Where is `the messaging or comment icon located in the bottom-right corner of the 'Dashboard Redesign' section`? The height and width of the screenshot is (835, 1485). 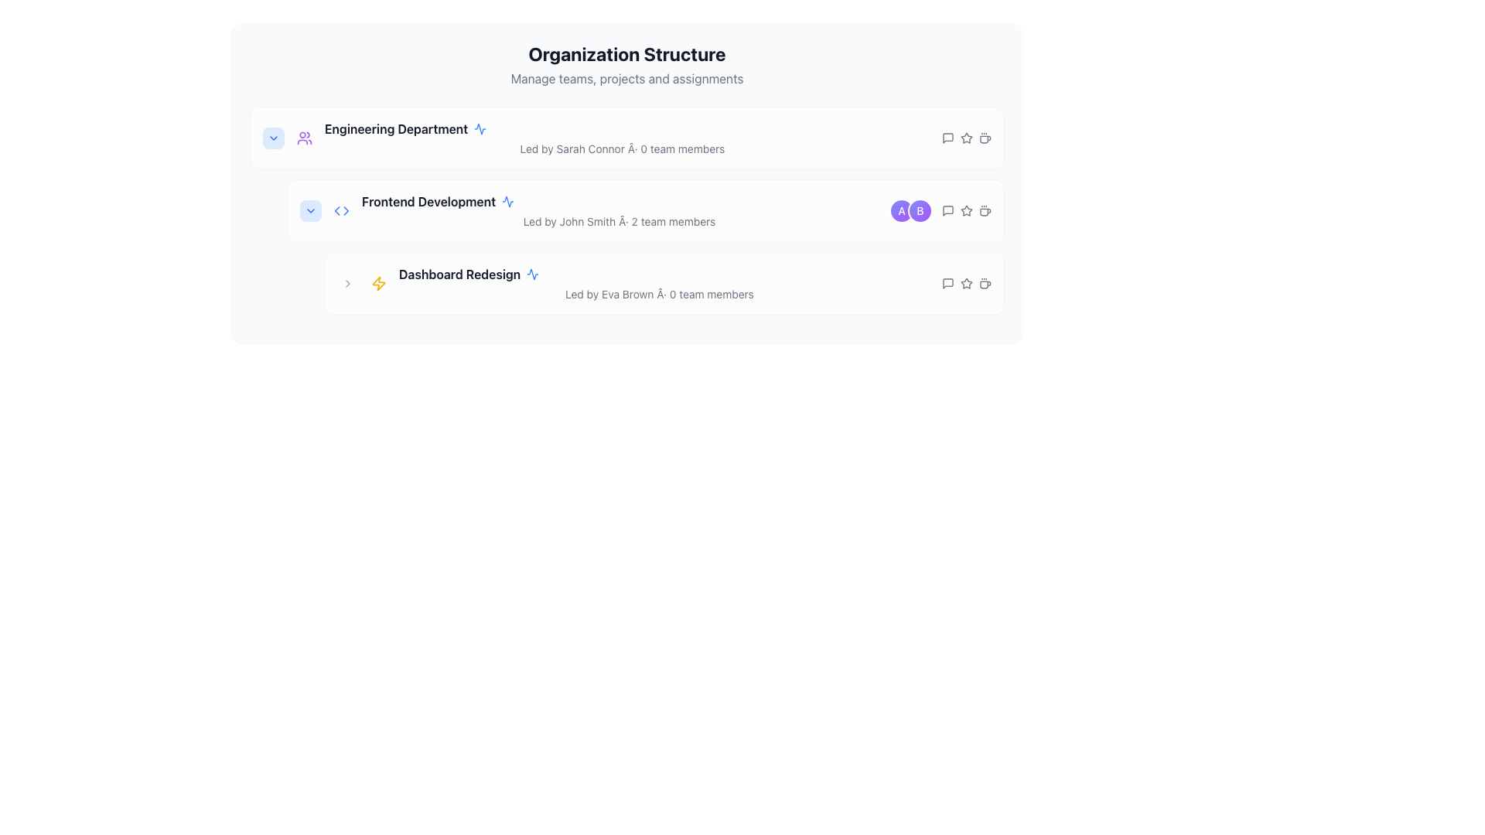 the messaging or comment icon located in the bottom-right corner of the 'Dashboard Redesign' section is located at coordinates (947, 283).